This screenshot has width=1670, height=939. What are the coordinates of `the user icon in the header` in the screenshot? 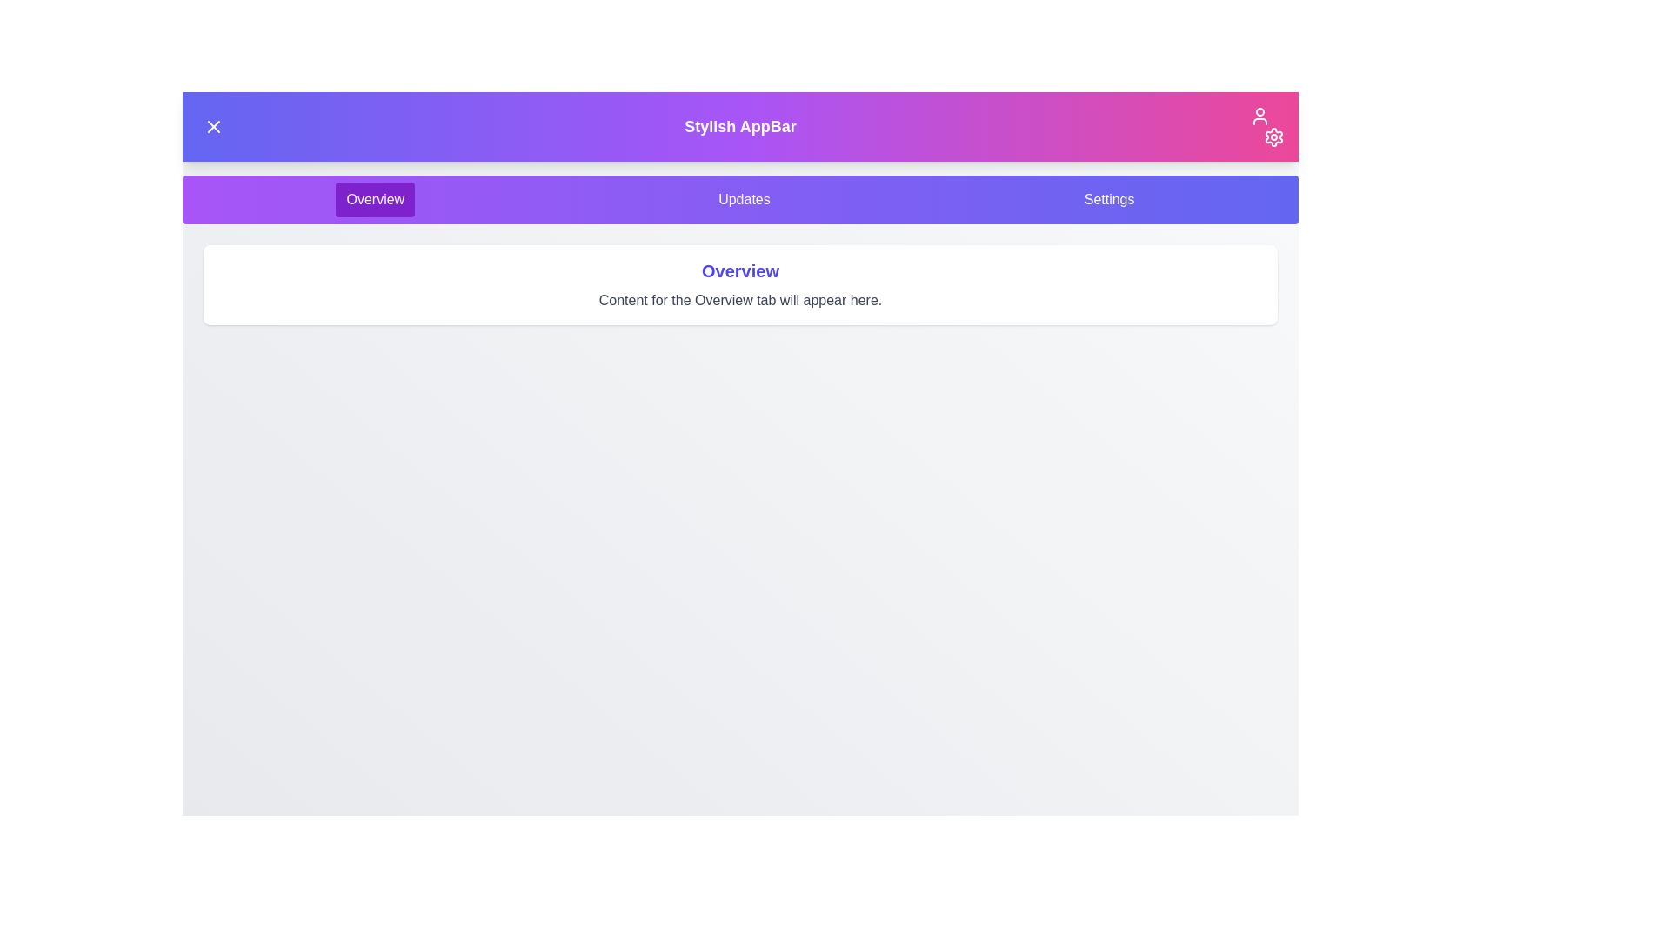 It's located at (1260, 117).